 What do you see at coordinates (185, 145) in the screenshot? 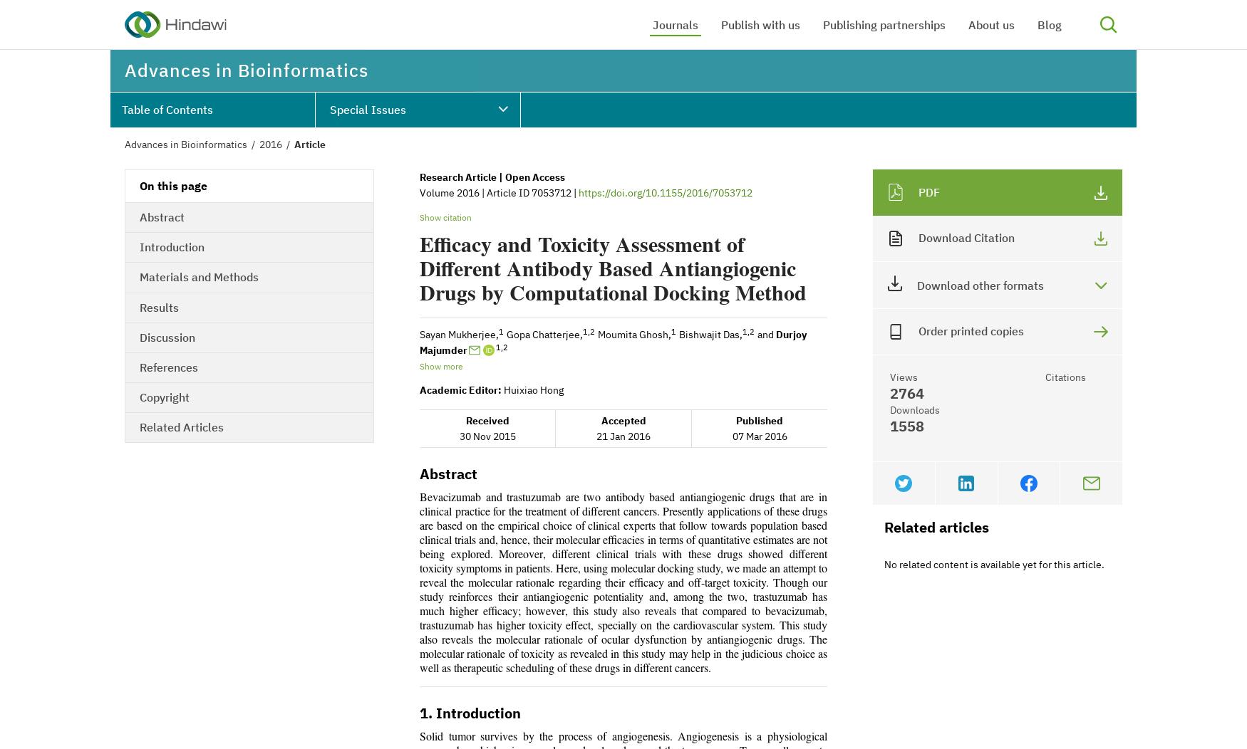
I see `'Advances in Bioinformatics'` at bounding box center [185, 145].